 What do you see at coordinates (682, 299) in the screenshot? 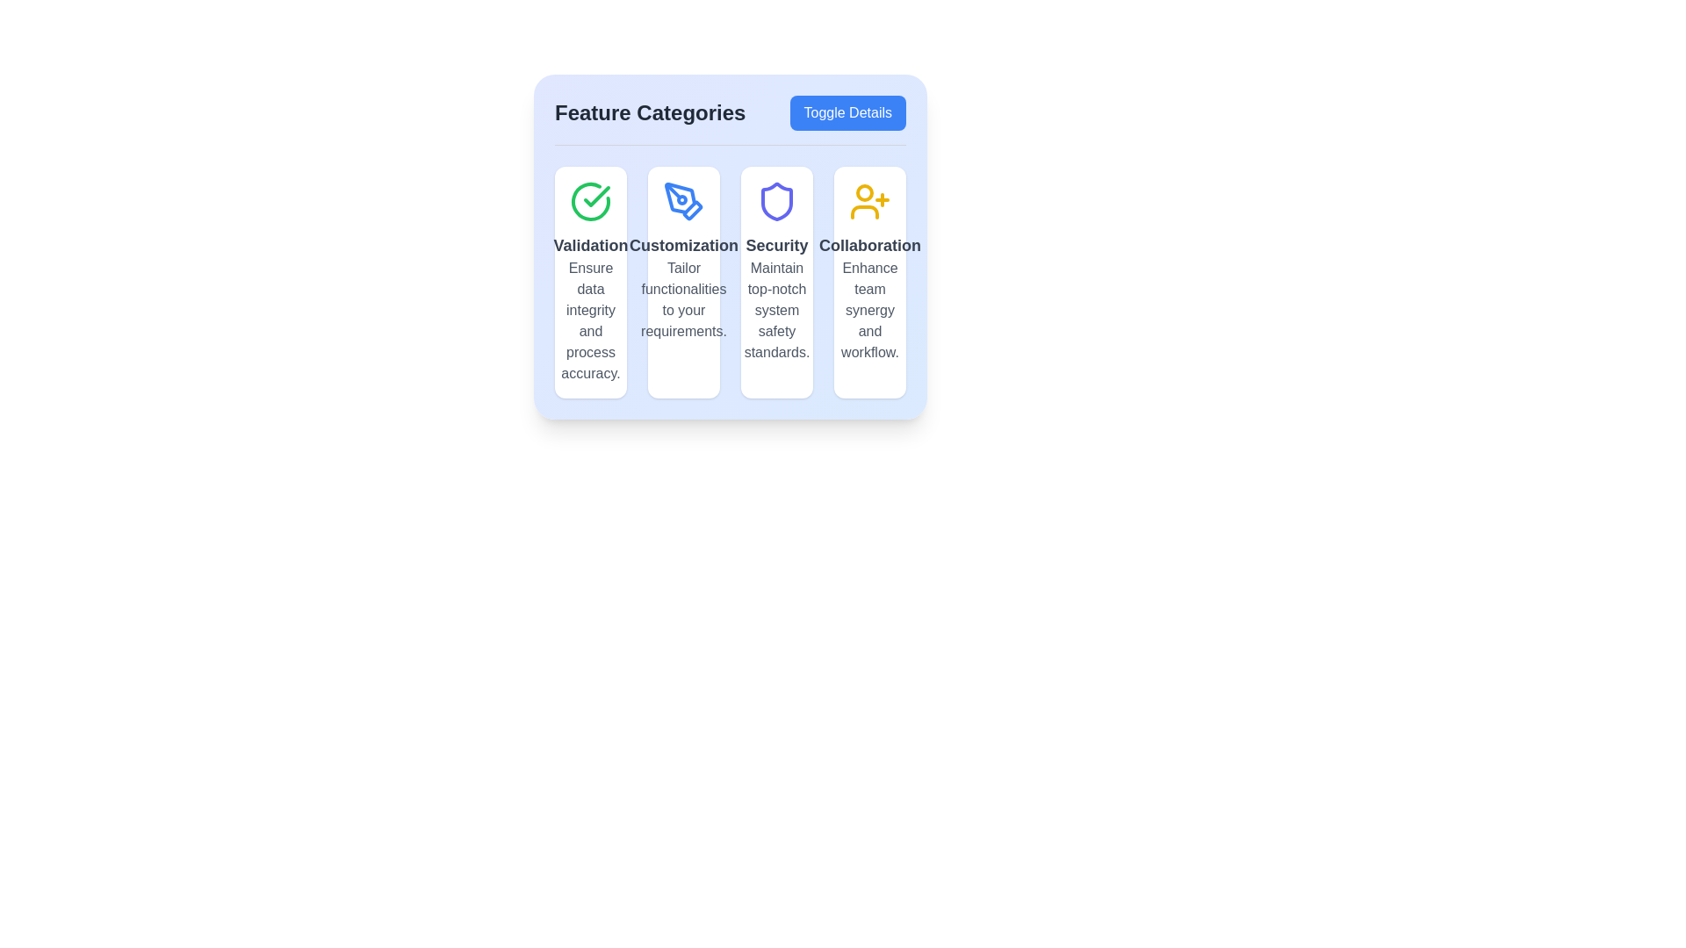
I see `the text label stating 'Tailor functionalities to your requirements.' which is styled in gray and located beneath the 'Customization' heading` at bounding box center [682, 299].